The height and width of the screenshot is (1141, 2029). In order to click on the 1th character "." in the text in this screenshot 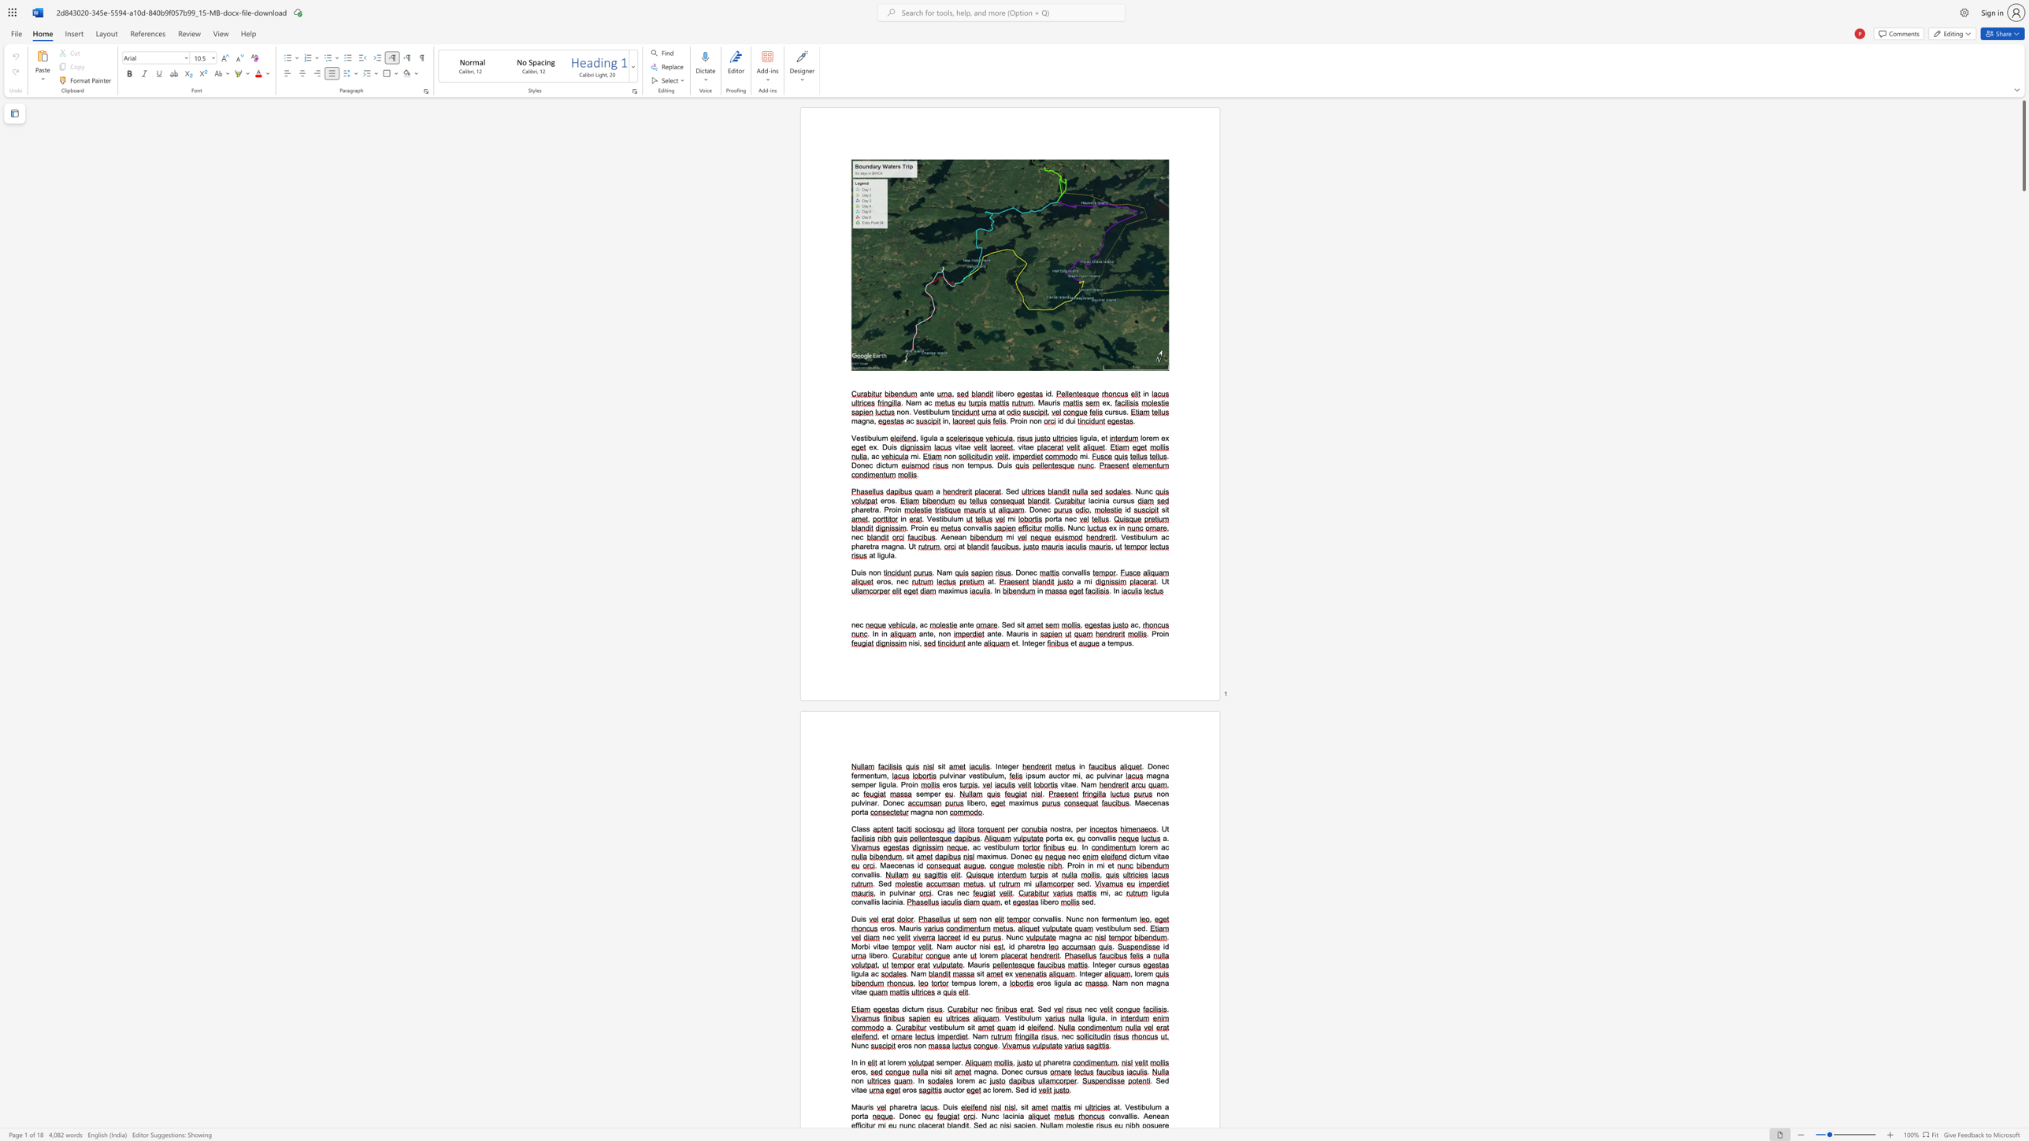, I will do `click(881, 874)`.